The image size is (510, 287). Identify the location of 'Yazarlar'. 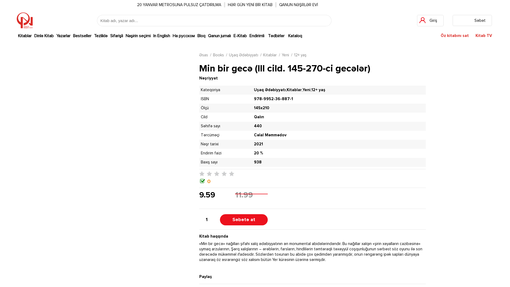
(56, 36).